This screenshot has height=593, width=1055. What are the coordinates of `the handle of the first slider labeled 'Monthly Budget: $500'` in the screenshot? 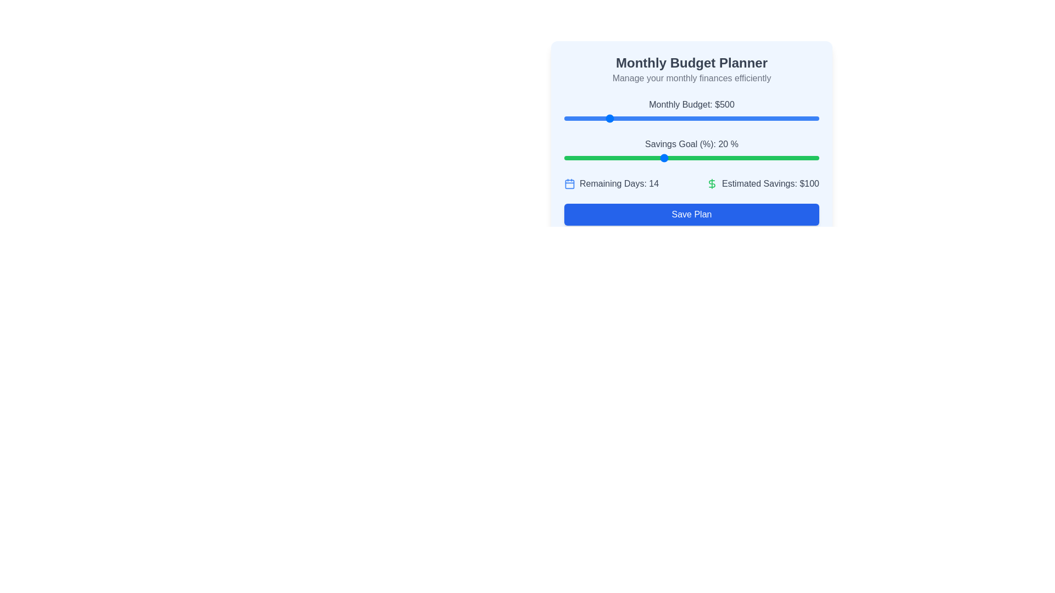 It's located at (691, 119).